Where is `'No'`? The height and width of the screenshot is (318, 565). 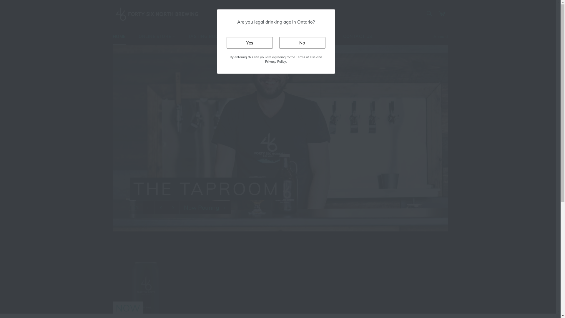 'No' is located at coordinates (302, 42).